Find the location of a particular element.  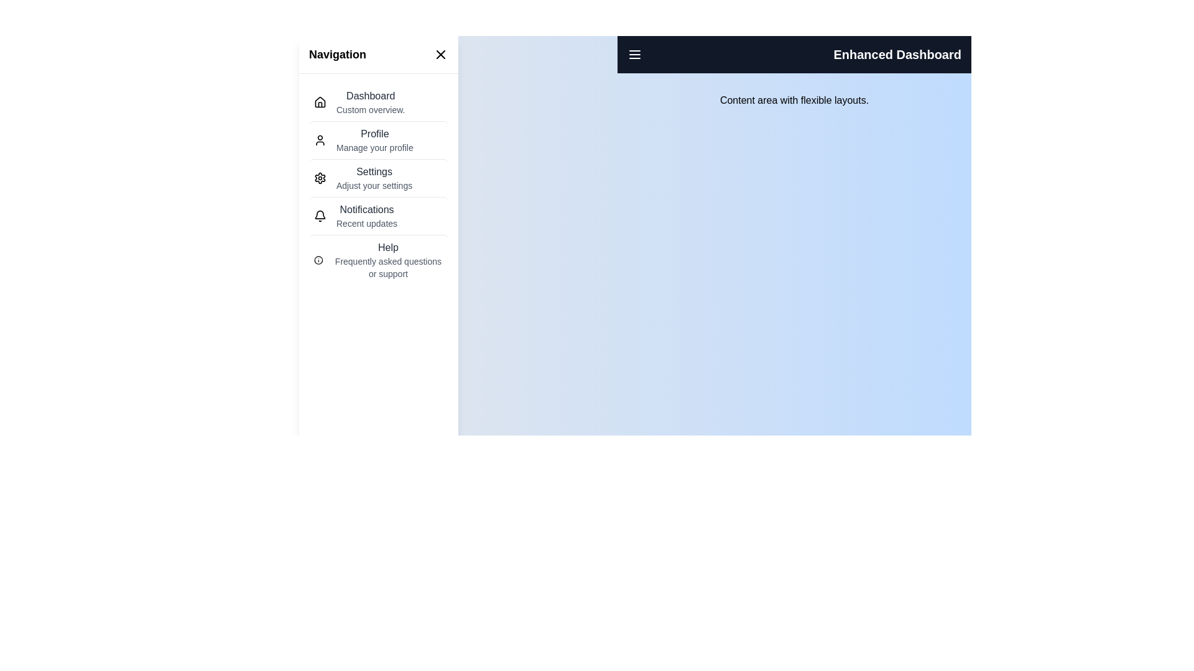

the bell icon located next to the 'Notifications' text in the fourth row of the navigation menu is located at coordinates (320, 215).